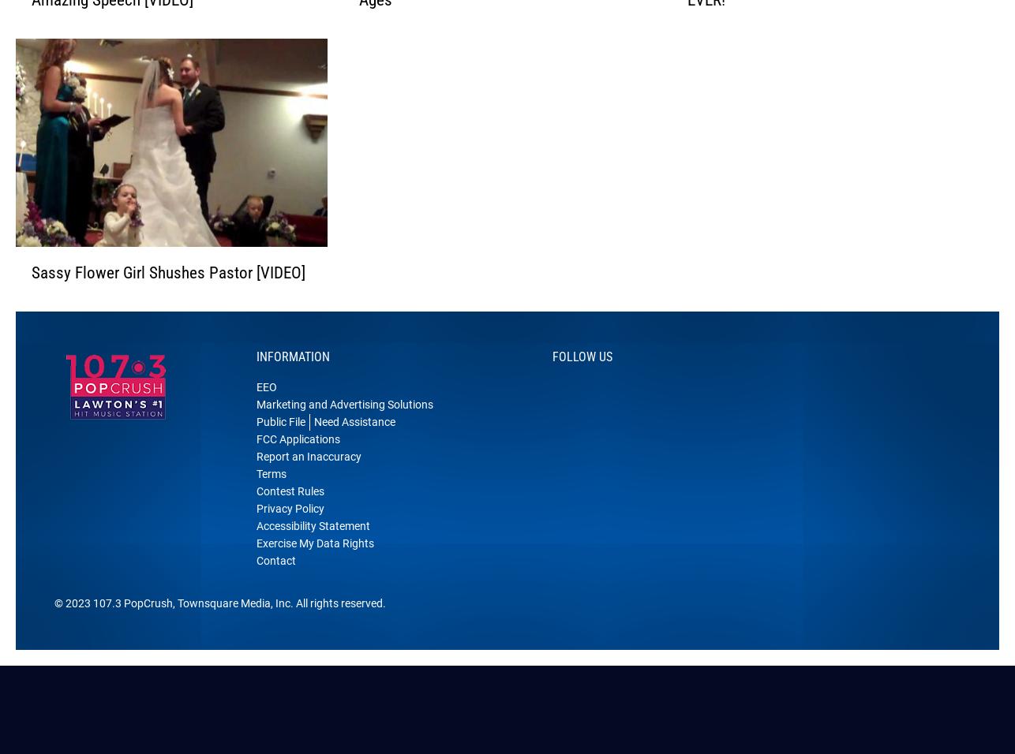 The height and width of the screenshot is (754, 1015). What do you see at coordinates (582, 377) in the screenshot?
I see `'Follow Us'` at bounding box center [582, 377].